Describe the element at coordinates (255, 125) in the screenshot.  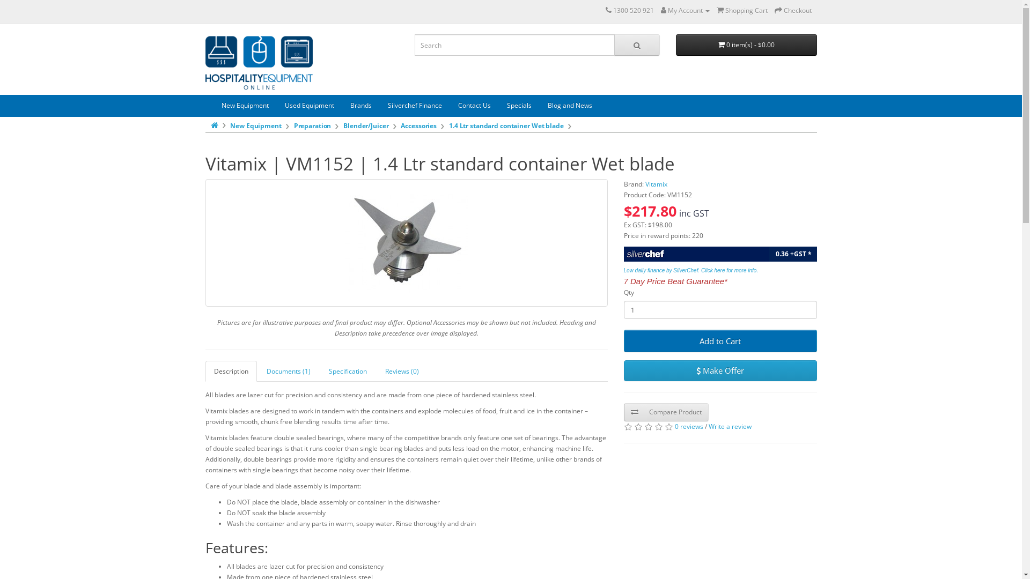
I see `'New Equipment'` at that location.